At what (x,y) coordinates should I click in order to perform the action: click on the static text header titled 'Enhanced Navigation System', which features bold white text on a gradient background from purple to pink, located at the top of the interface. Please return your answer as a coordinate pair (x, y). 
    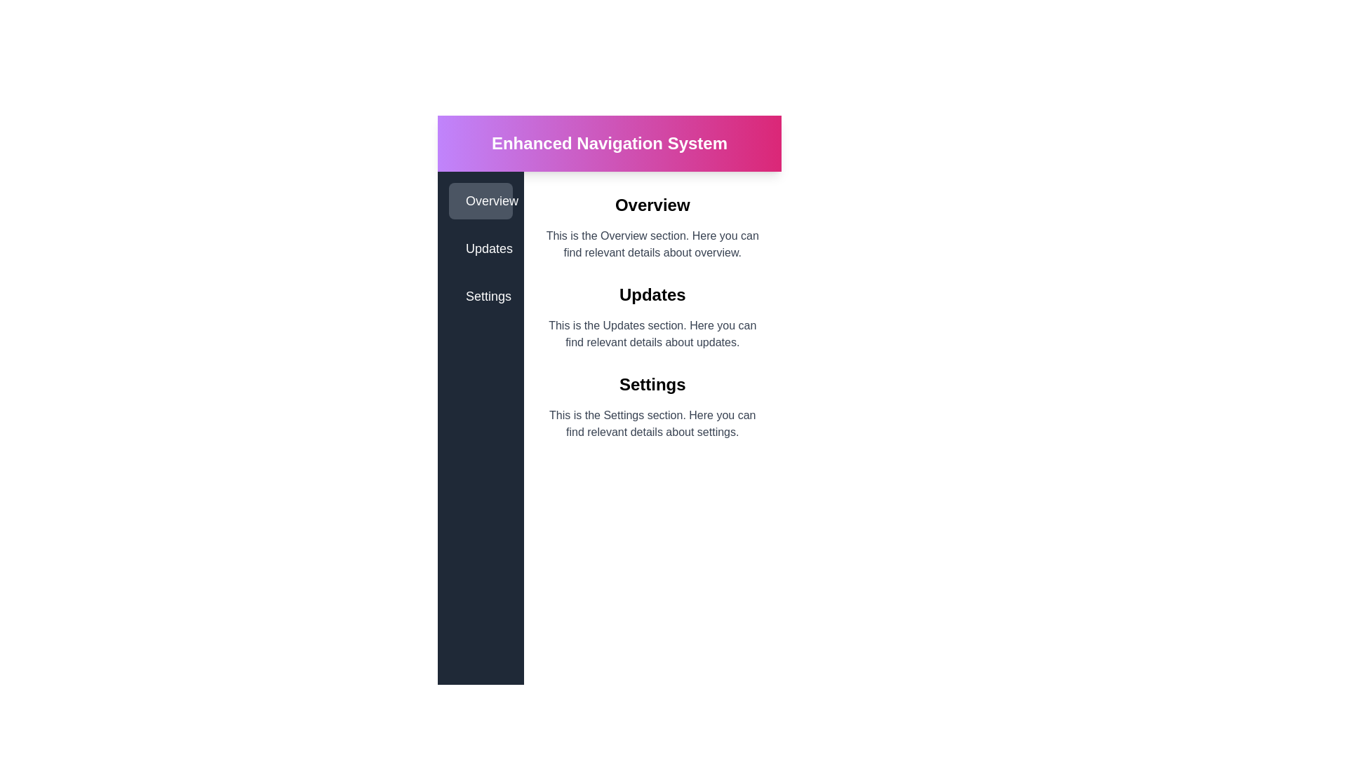
    Looking at the image, I should click on (609, 143).